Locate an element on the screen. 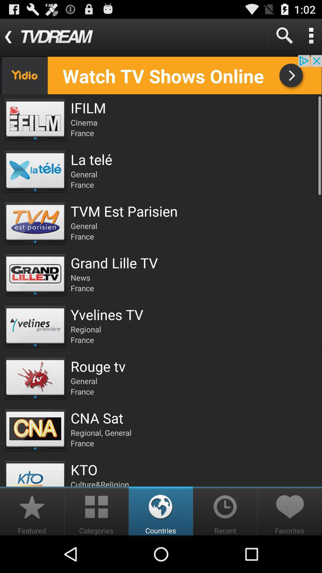 Image resolution: width=322 pixels, height=573 pixels. the search icon is located at coordinates (284, 38).